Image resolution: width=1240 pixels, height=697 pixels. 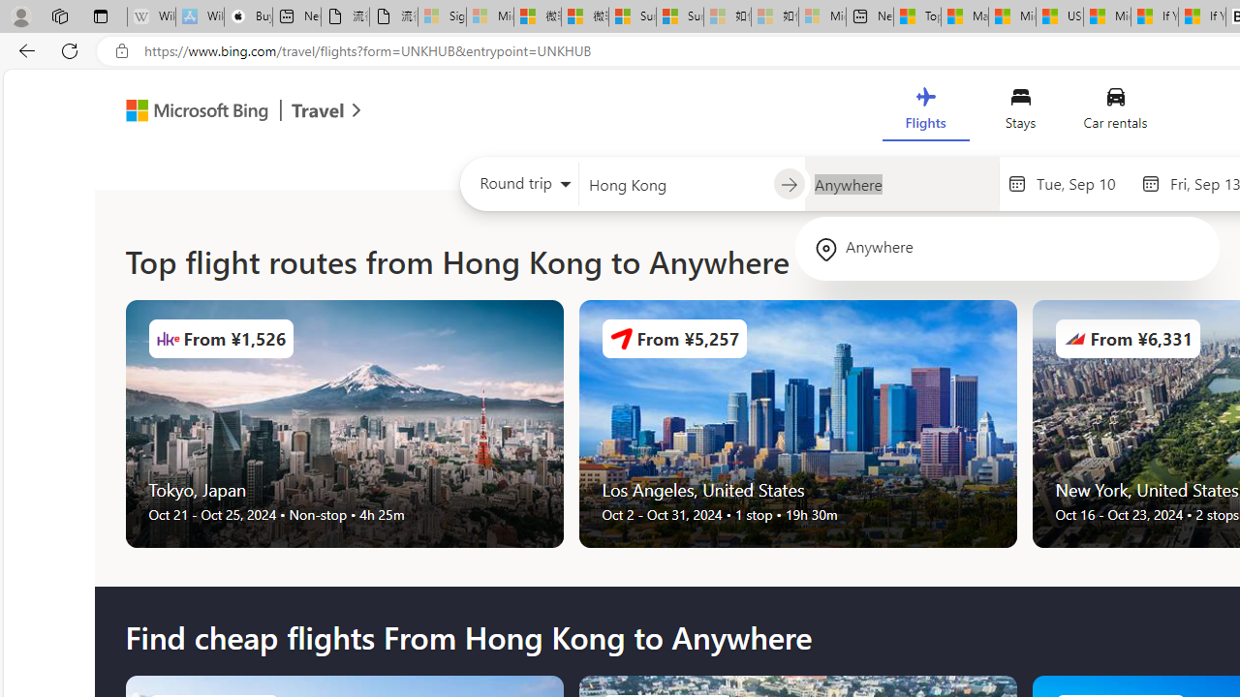 What do you see at coordinates (519, 188) in the screenshot?
I see `'Select trip type'` at bounding box center [519, 188].